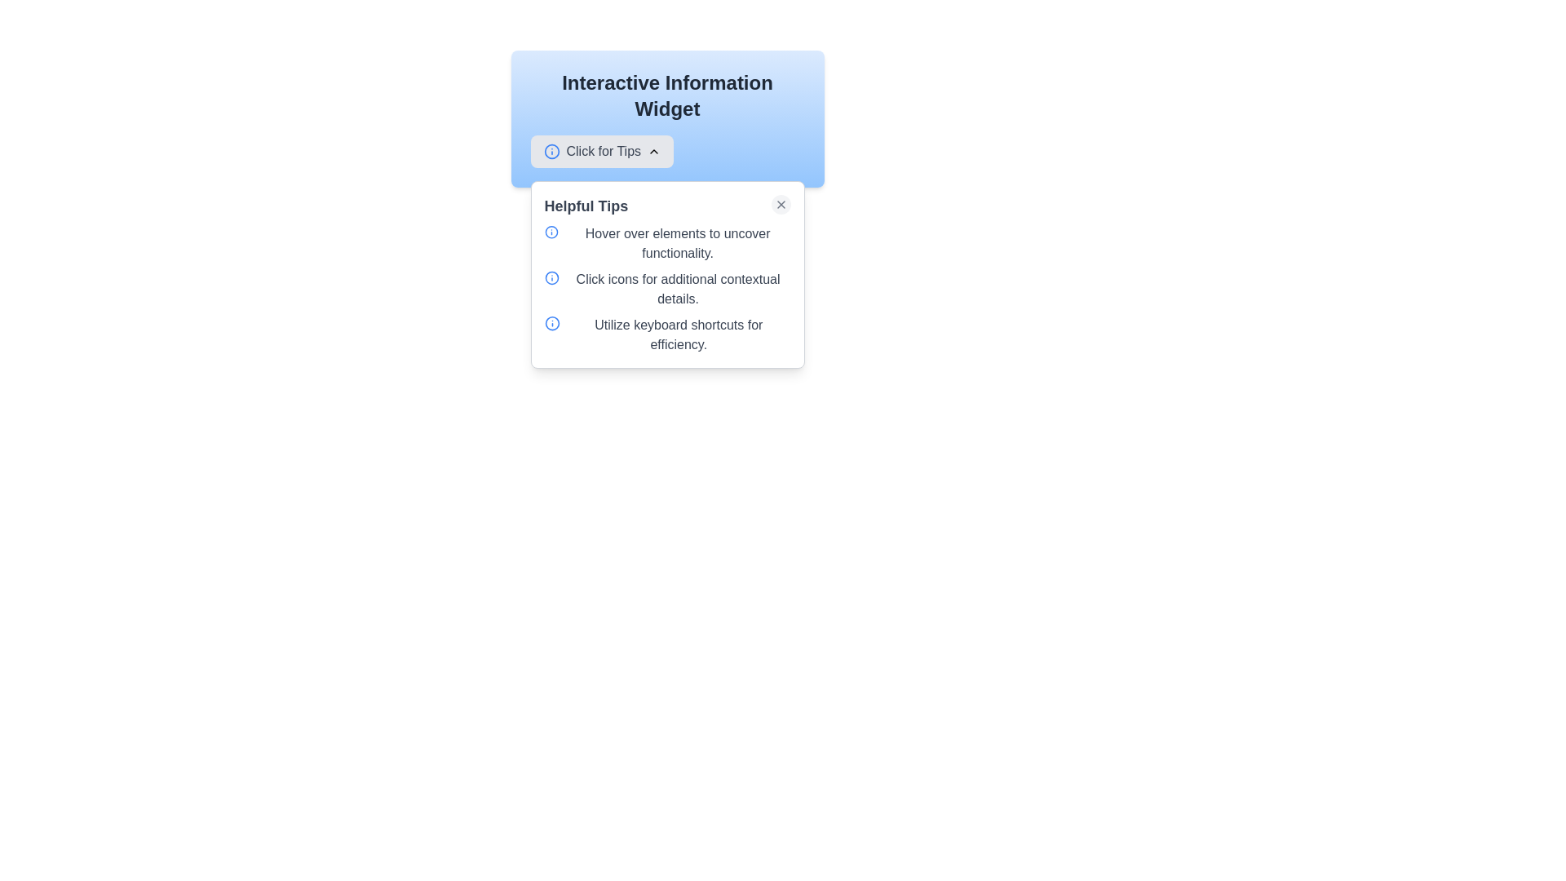 The height and width of the screenshot is (881, 1566). Describe the element at coordinates (667, 244) in the screenshot. I see `the first informational tip in the 'Helpful Tips' section, which instructs users to hover over elements` at that location.